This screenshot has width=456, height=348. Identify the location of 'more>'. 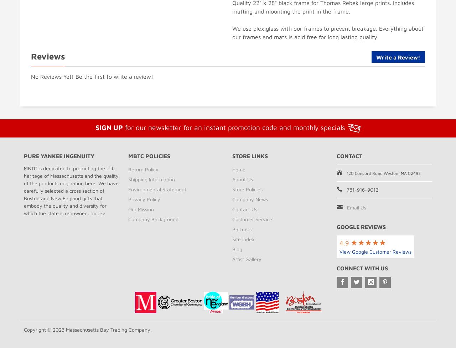
(90, 212).